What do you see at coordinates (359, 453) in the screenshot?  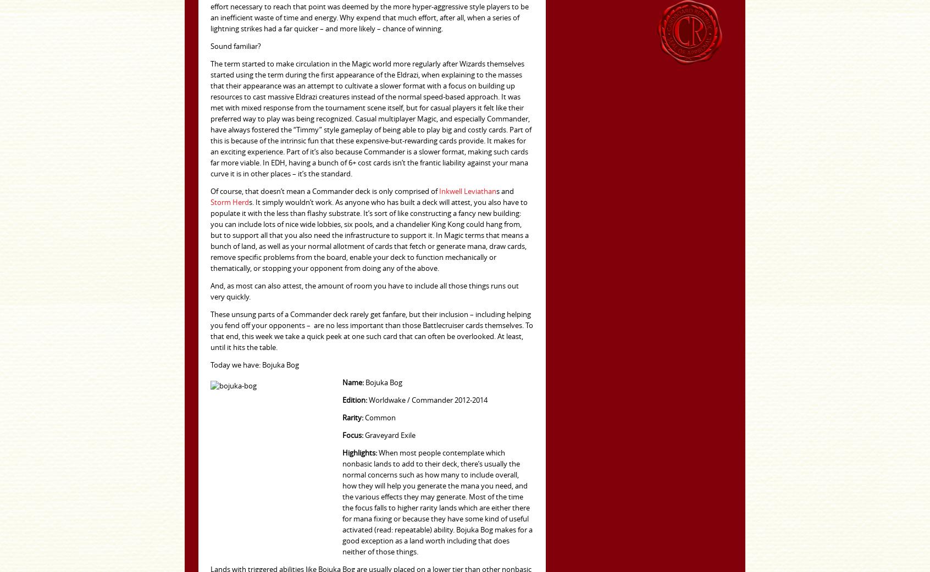 I see `'Highlights:'` at bounding box center [359, 453].